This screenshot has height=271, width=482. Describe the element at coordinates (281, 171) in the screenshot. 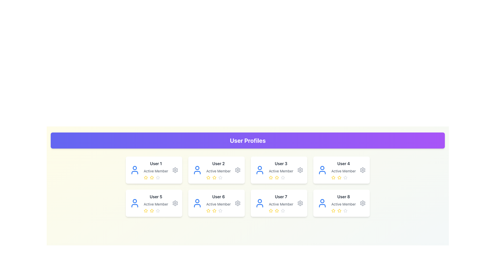

I see `the 'Active Member' text label` at that location.